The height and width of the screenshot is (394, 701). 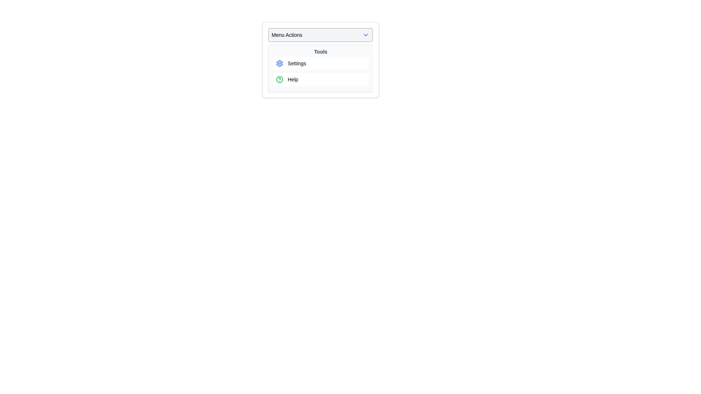 What do you see at coordinates (279, 80) in the screenshot?
I see `the green circular help icon with a question mark, which is located to the left of the 'Help' label in the second item of the vertically stacked menu list` at bounding box center [279, 80].